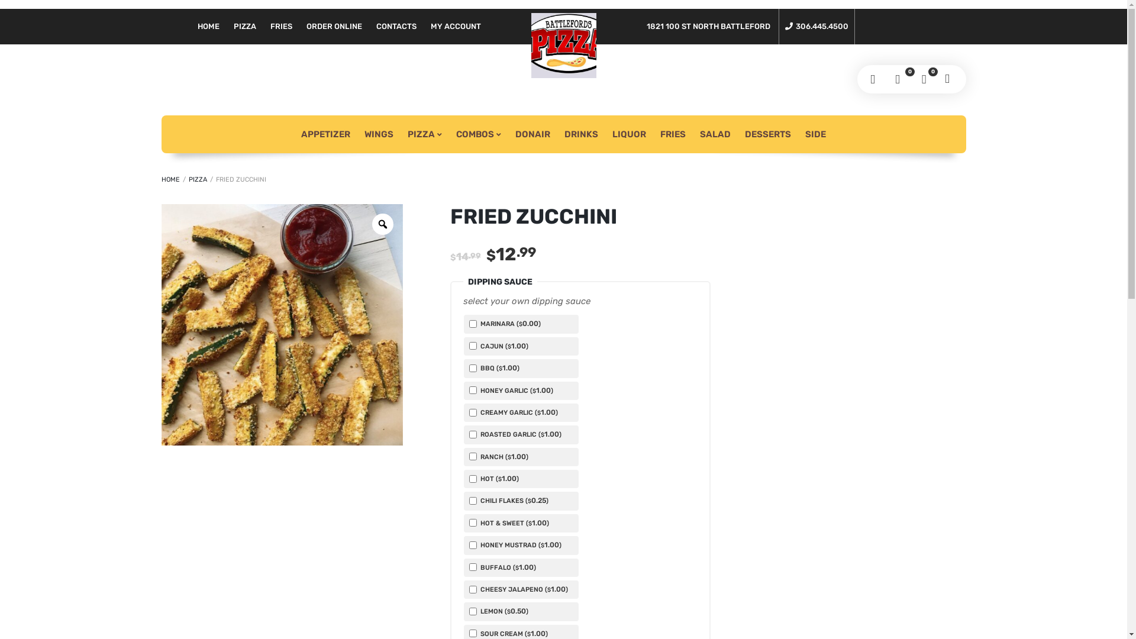 Image resolution: width=1136 pixels, height=639 pixels. Describe the element at coordinates (379, 134) in the screenshot. I see `'WINGS'` at that location.